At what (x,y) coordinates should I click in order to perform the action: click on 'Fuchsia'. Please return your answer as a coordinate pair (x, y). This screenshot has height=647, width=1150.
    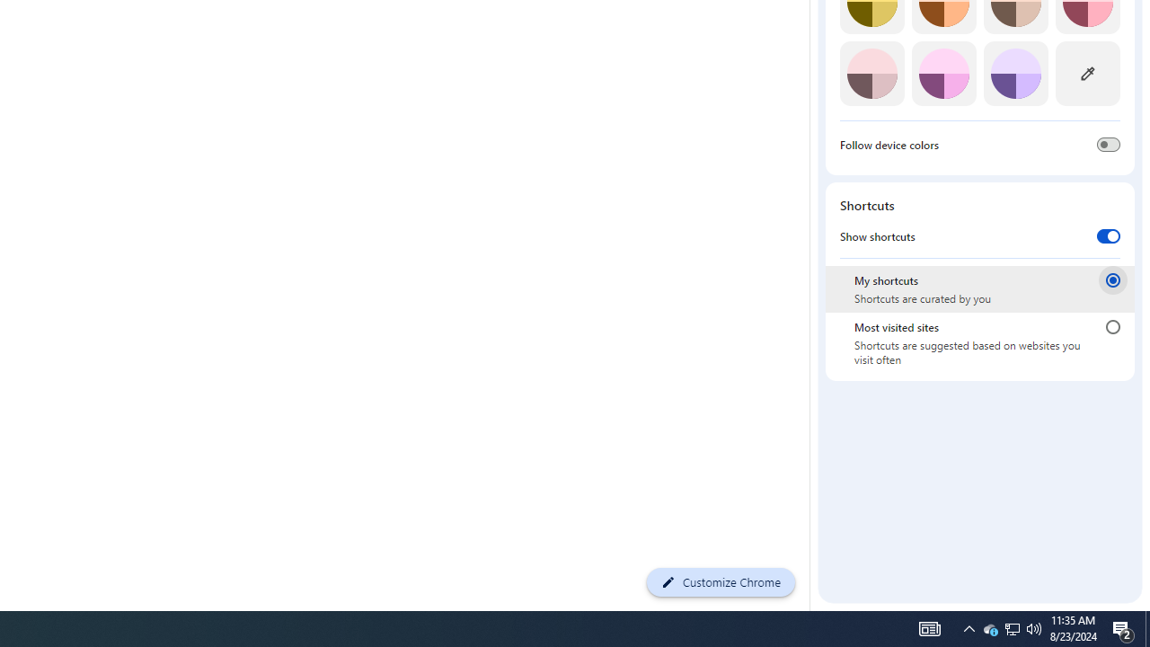
    Looking at the image, I should click on (942, 73).